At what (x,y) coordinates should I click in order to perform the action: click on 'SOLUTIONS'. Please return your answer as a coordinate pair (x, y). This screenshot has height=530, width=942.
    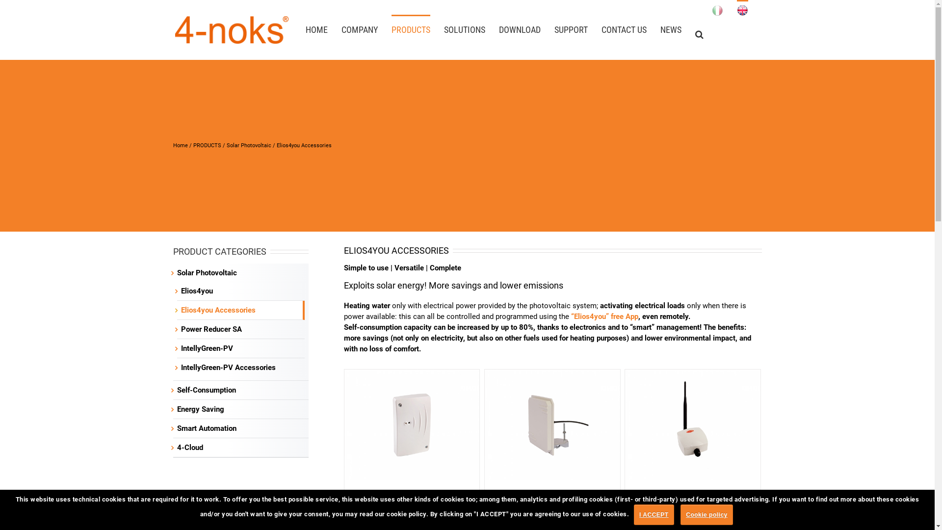
    Looking at the image, I should click on (463, 28).